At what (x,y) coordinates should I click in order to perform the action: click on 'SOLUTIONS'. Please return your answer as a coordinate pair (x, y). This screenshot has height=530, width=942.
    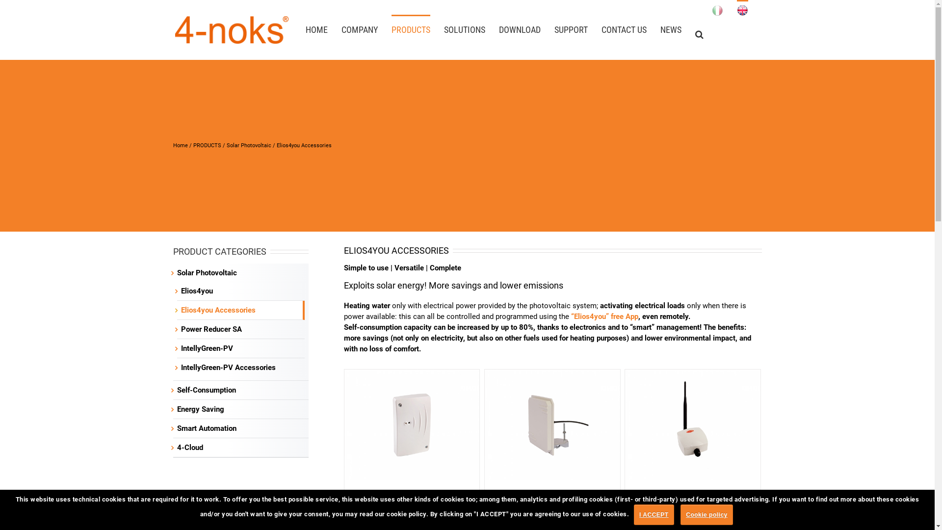
    Looking at the image, I should click on (463, 28).